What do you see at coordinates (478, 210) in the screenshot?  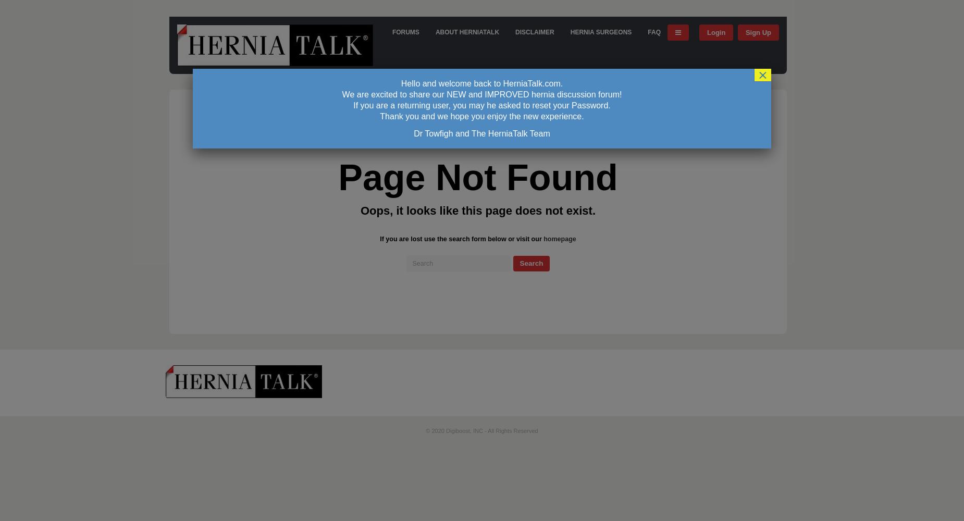 I see `'Oops, it looks like this page does not exist.'` at bounding box center [478, 210].